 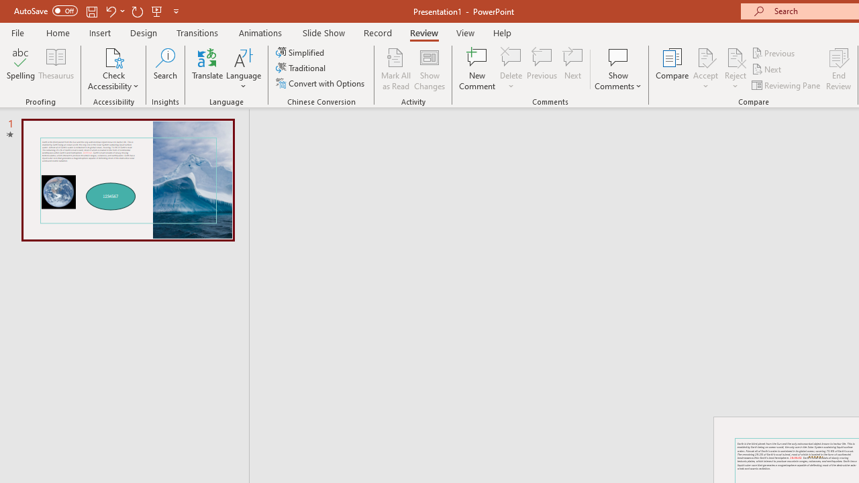 What do you see at coordinates (768, 69) in the screenshot?
I see `'Next'` at bounding box center [768, 69].